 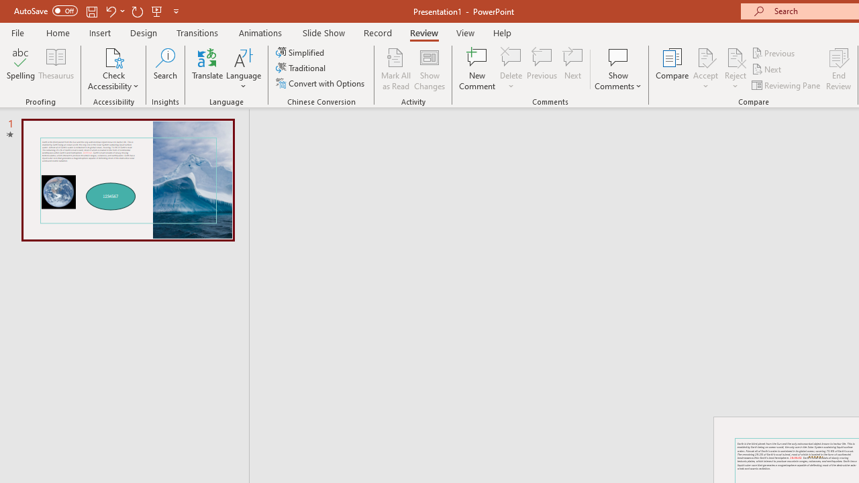 What do you see at coordinates (768, 69) in the screenshot?
I see `'Next'` at bounding box center [768, 69].